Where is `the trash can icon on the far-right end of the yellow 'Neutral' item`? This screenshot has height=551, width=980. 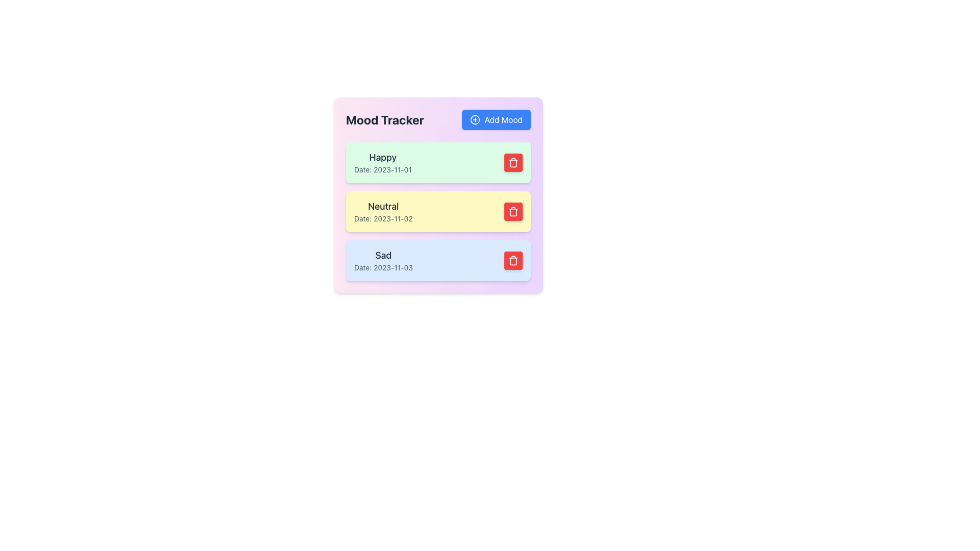
the trash can icon on the far-right end of the yellow 'Neutral' item is located at coordinates (513, 211).